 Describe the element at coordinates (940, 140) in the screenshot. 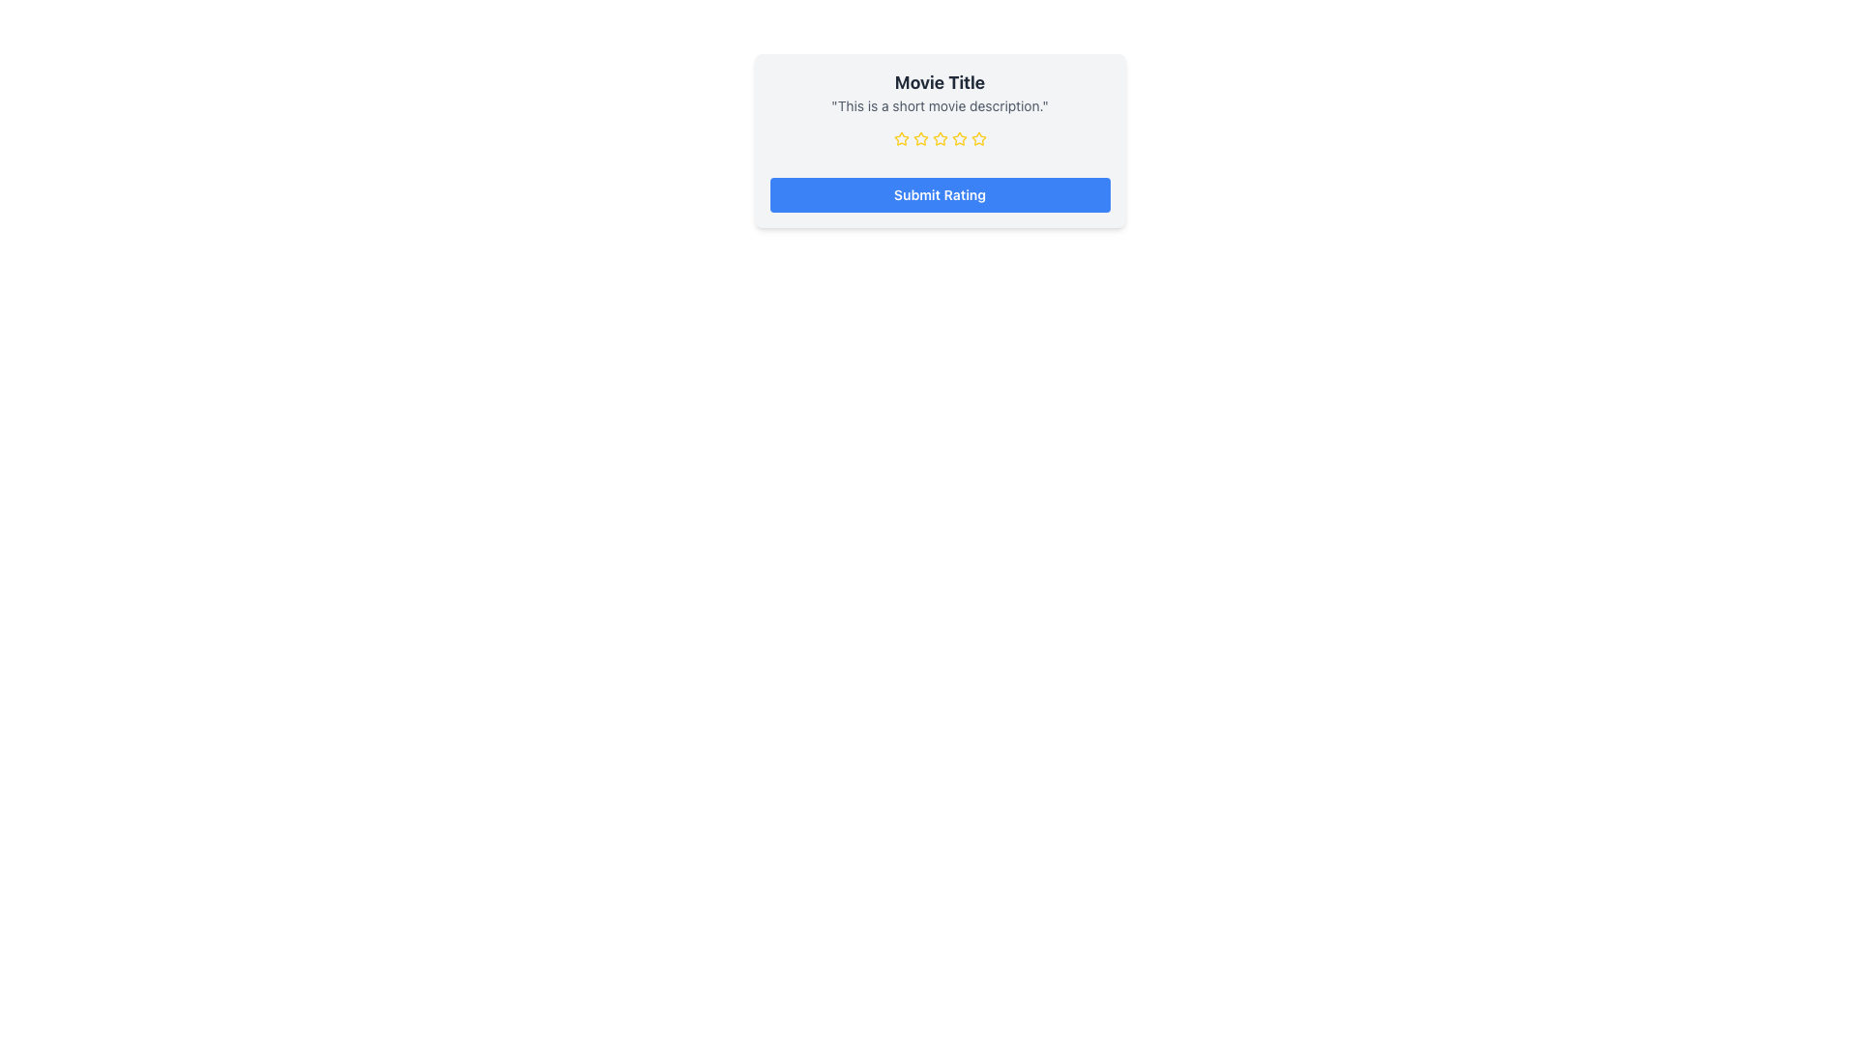

I see `the Rating Star icon located in the center of the row of five stars, situated below the text 'This is a short movie description.' within the 'Movie Title' card` at that location.